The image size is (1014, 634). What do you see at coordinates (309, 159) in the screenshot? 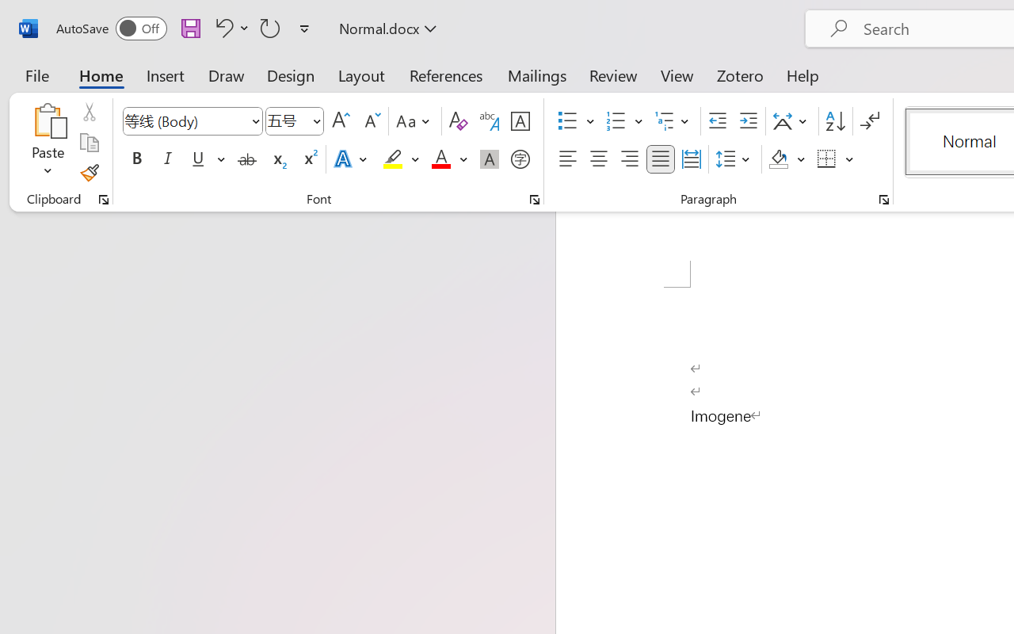
I see `'Superscript'` at bounding box center [309, 159].